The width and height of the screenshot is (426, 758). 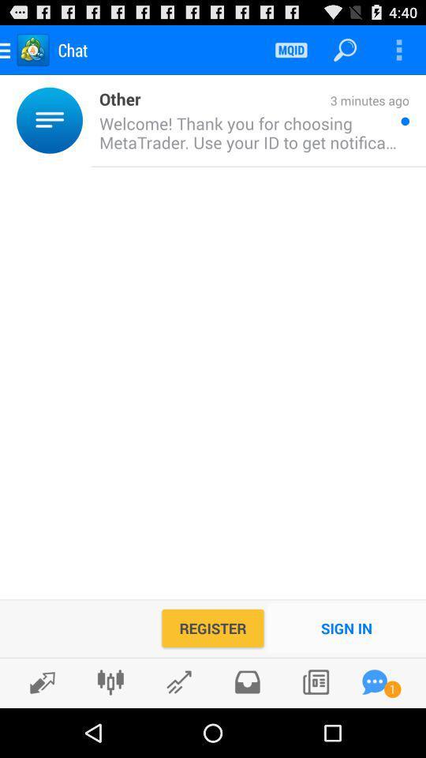 What do you see at coordinates (374, 730) in the screenshot?
I see `the chat icon` at bounding box center [374, 730].